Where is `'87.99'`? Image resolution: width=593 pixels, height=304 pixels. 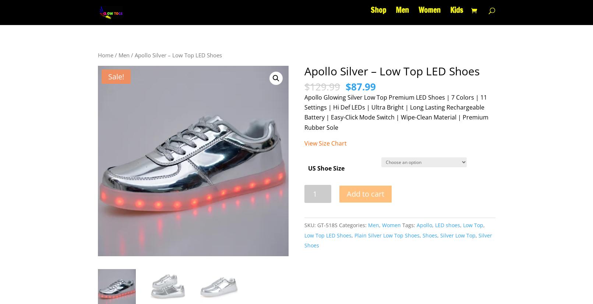
'87.99' is located at coordinates (363, 86).